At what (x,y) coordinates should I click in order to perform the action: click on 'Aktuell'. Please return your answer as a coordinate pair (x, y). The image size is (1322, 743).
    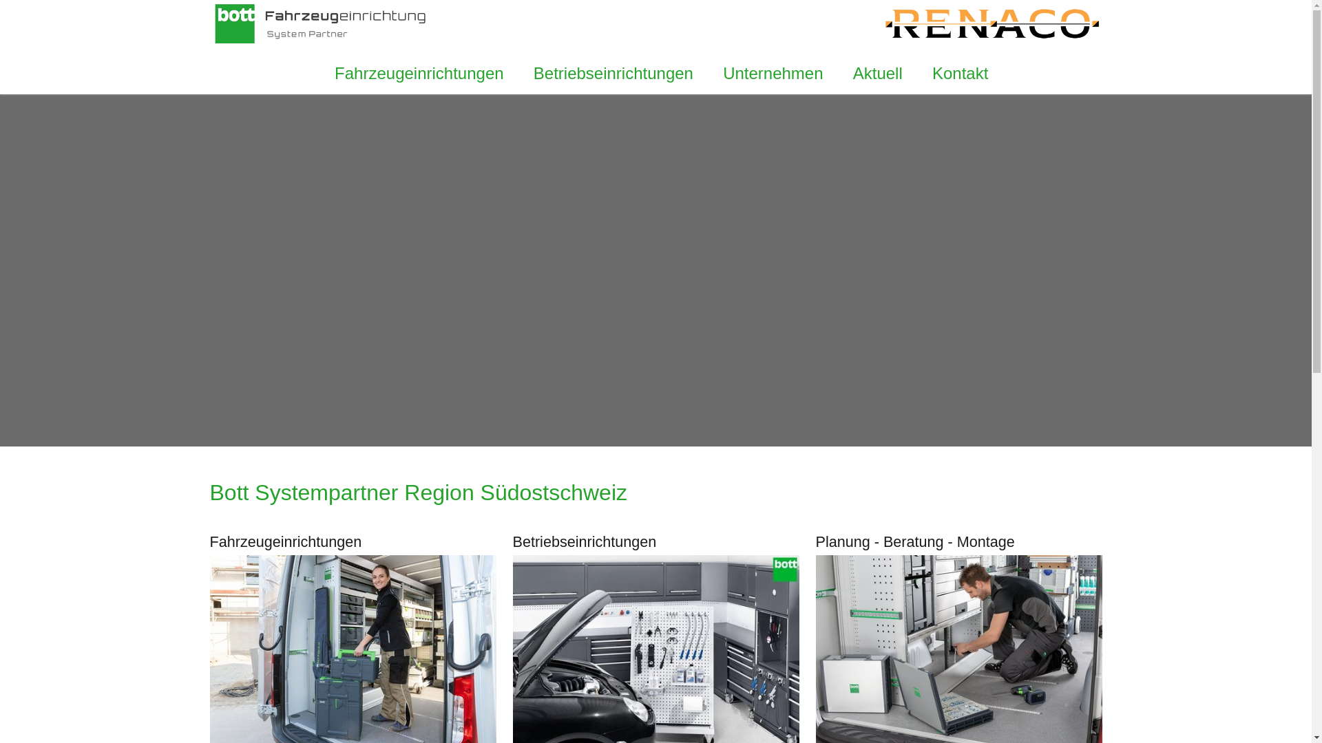
    Looking at the image, I should click on (877, 74).